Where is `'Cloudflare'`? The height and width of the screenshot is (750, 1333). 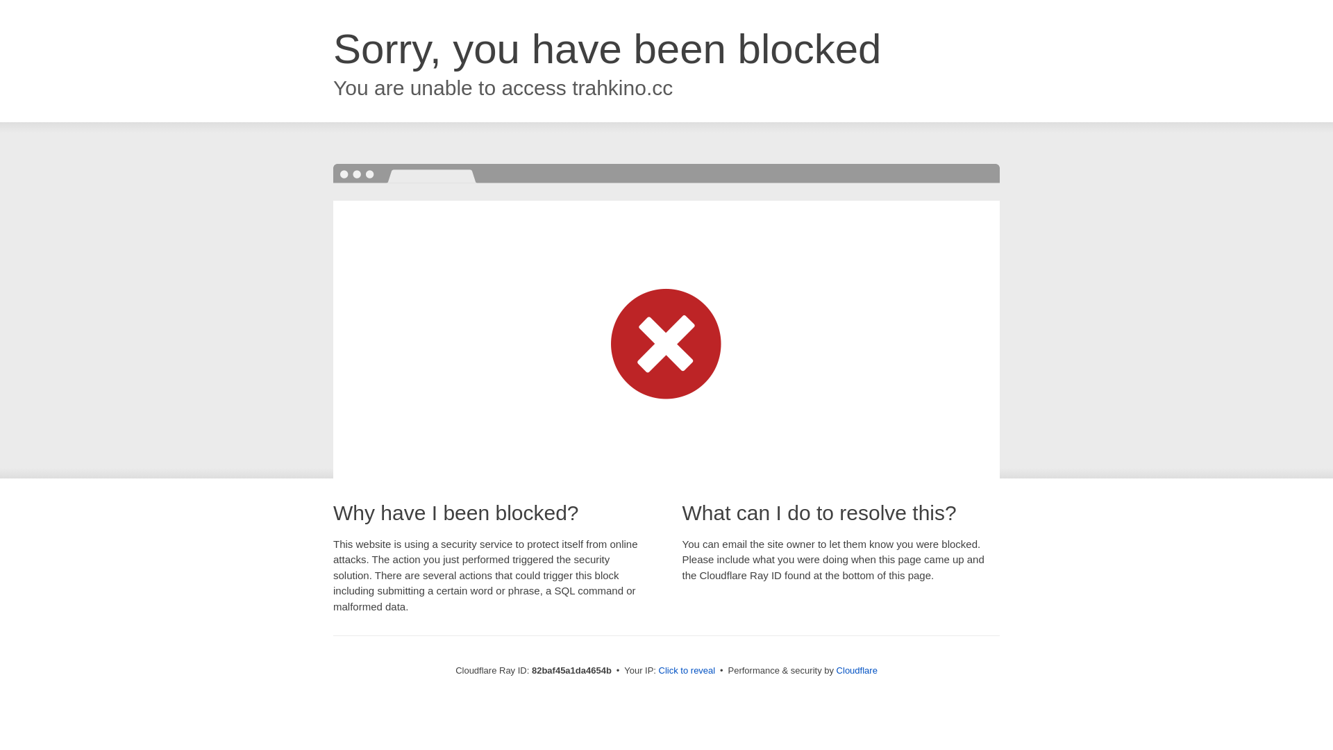 'Cloudflare' is located at coordinates (856, 669).